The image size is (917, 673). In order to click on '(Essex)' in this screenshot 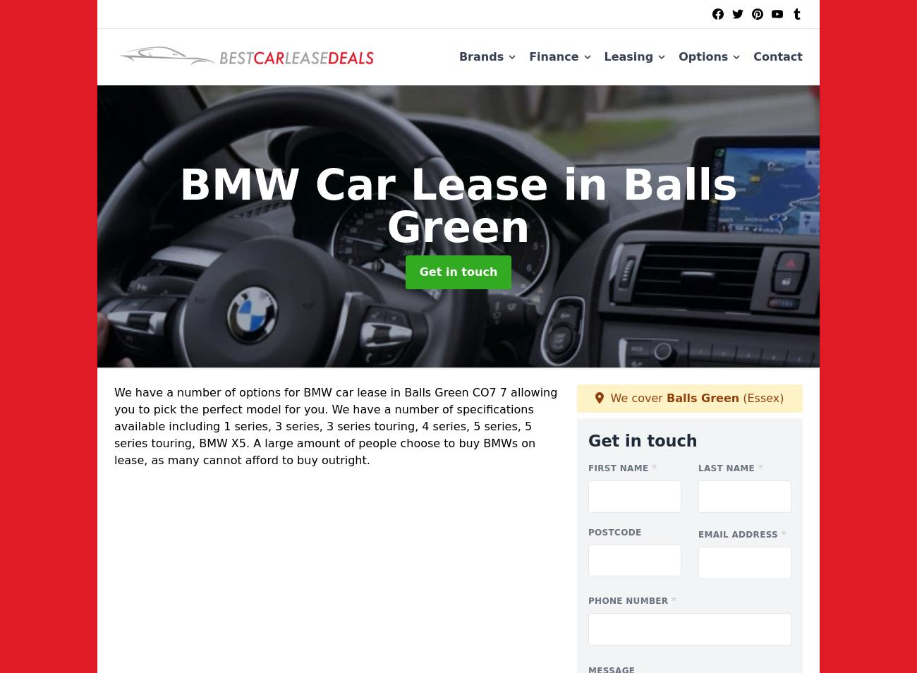, I will do `click(739, 396)`.